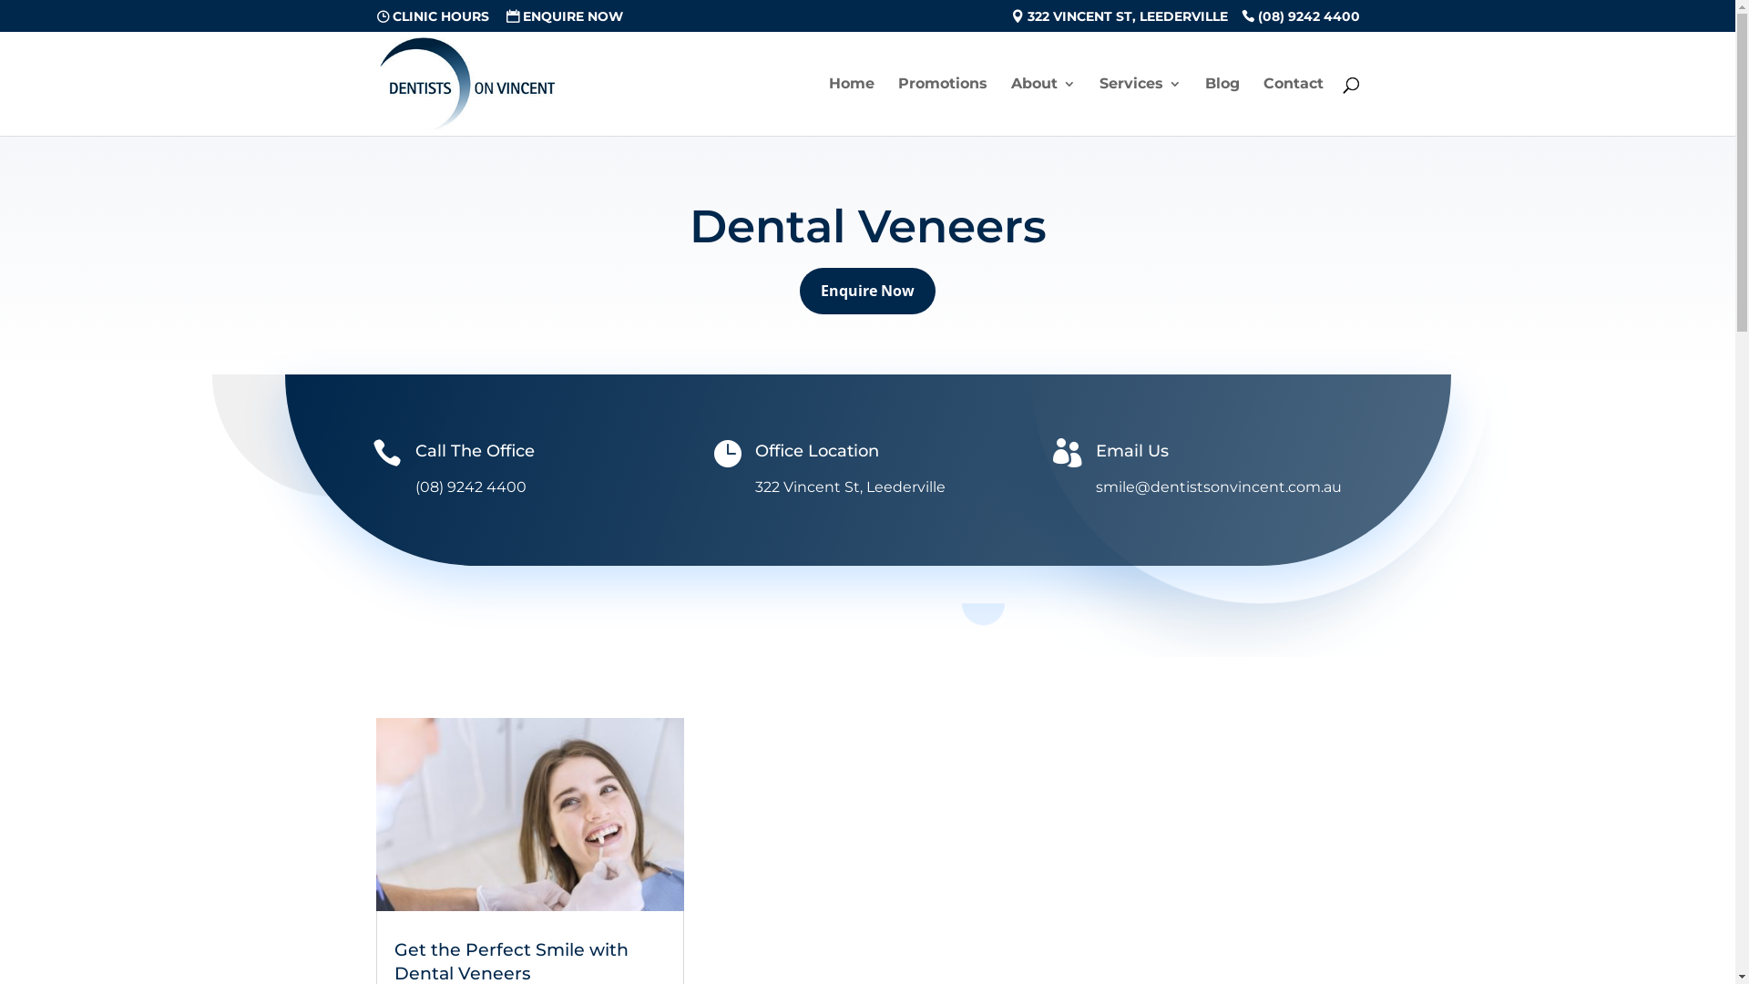  I want to click on 'About', so click(1043, 106).